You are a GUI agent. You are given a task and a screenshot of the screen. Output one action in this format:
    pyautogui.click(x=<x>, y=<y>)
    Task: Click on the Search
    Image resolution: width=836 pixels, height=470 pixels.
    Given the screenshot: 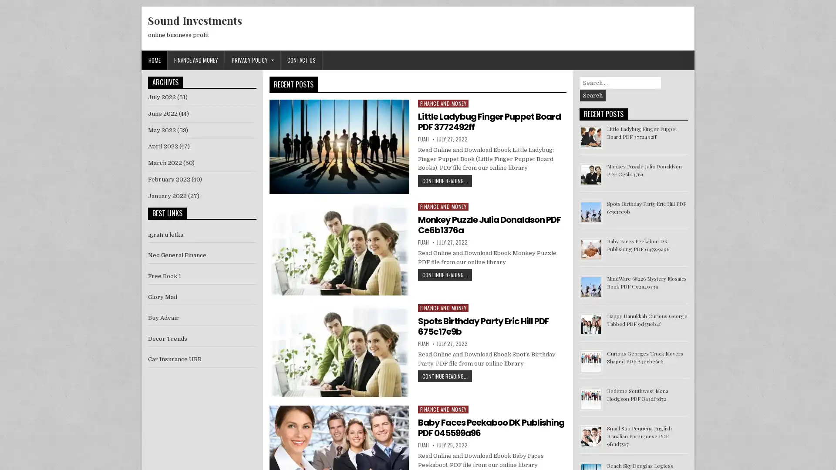 What is the action you would take?
    pyautogui.click(x=592, y=95)
    